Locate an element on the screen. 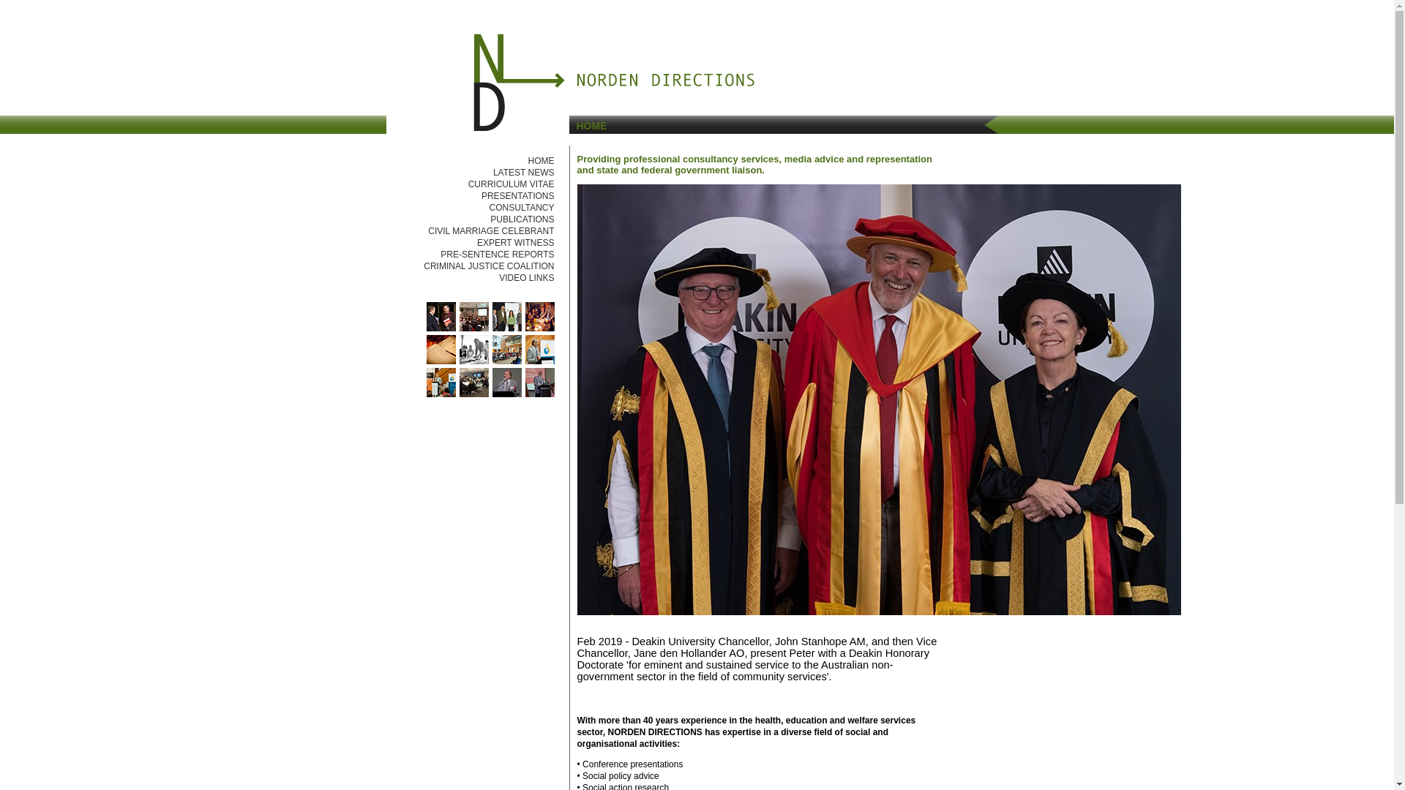  'CIVIL MARRIAGE CELEBRANT' is located at coordinates (491, 230).